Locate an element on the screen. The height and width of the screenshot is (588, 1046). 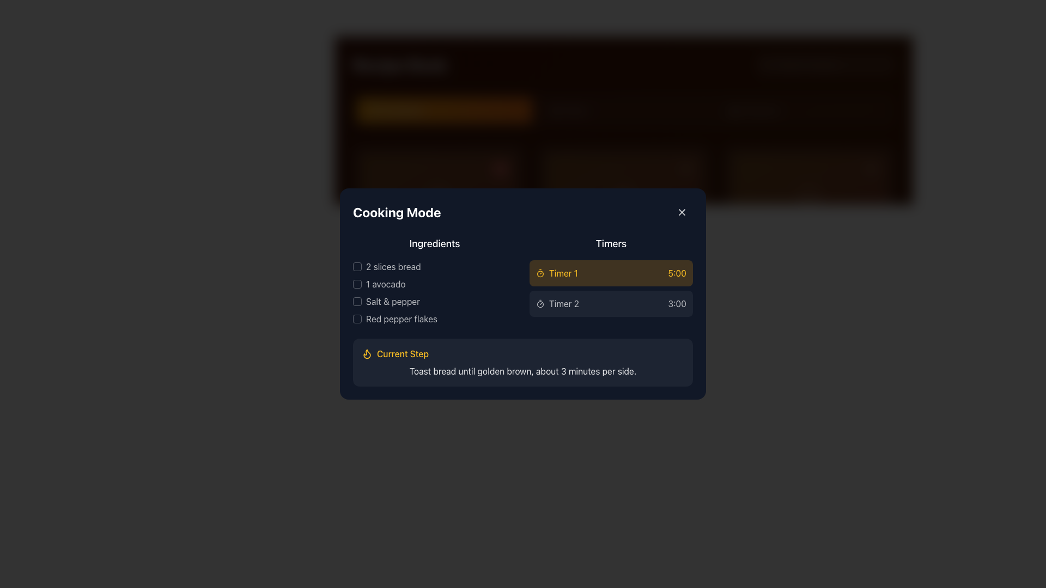
the leftmost Label with Icon that serves as a descriptor for the associated timer set to '3:00' is located at coordinates (557, 304).